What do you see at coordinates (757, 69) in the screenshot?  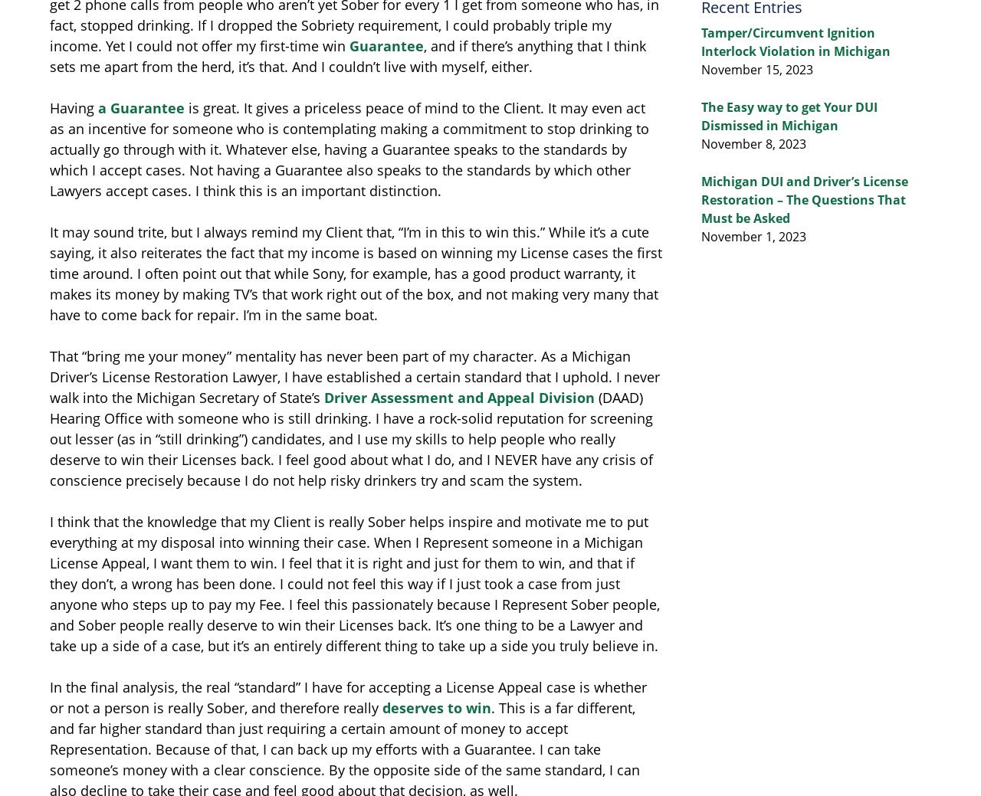 I see `'November 15, 2023'` at bounding box center [757, 69].